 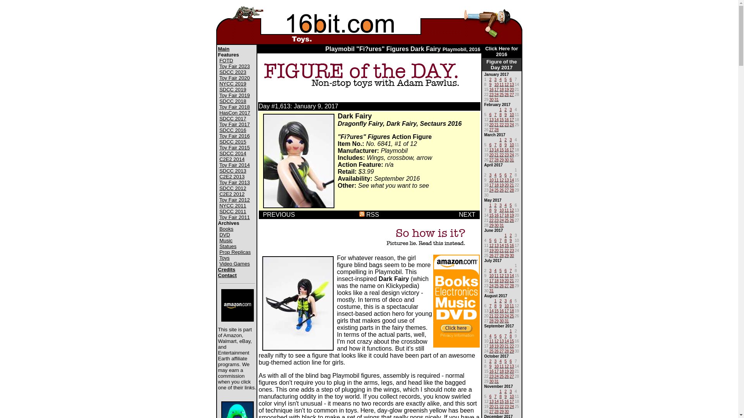 What do you see at coordinates (499, 255) in the screenshot?
I see `'28'` at bounding box center [499, 255].